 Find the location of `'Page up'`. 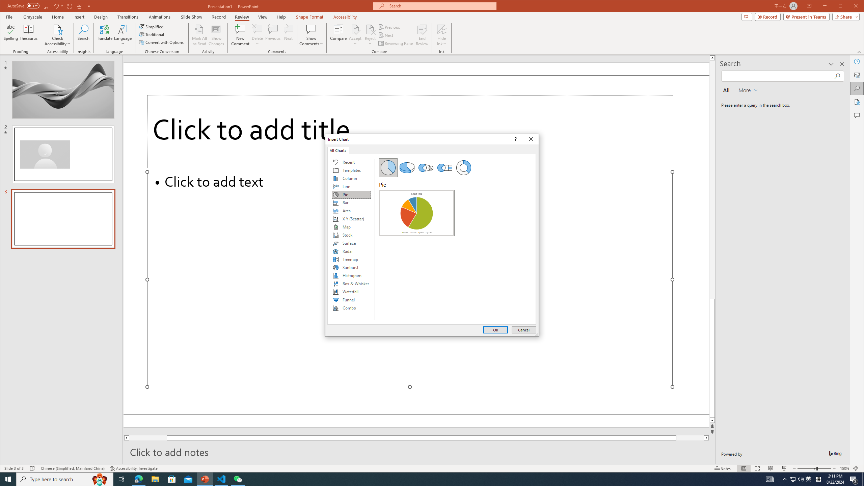

'Page up' is located at coordinates (712, 180).